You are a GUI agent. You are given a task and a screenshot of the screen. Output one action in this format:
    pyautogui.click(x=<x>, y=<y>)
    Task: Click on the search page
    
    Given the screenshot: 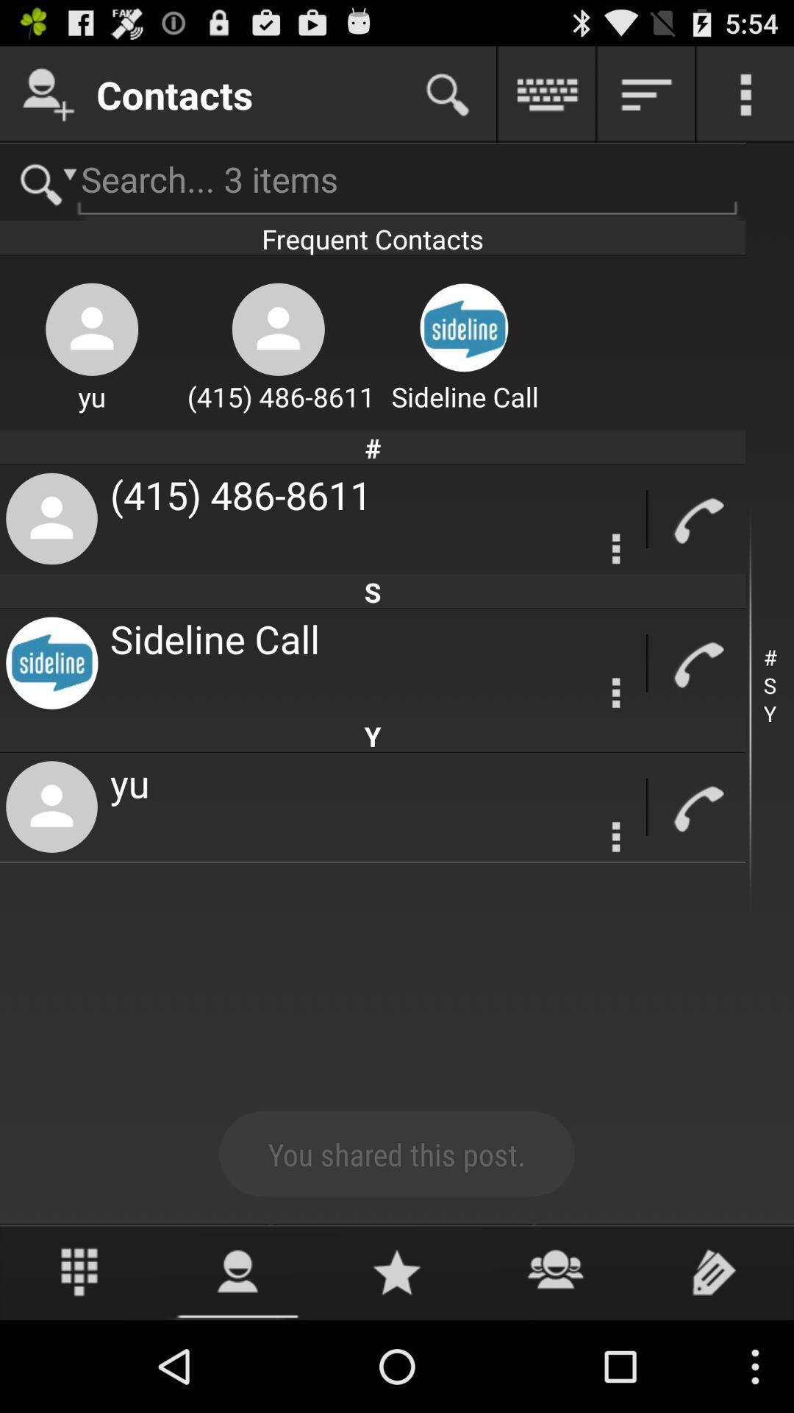 What is the action you would take?
    pyautogui.click(x=371, y=181)
    